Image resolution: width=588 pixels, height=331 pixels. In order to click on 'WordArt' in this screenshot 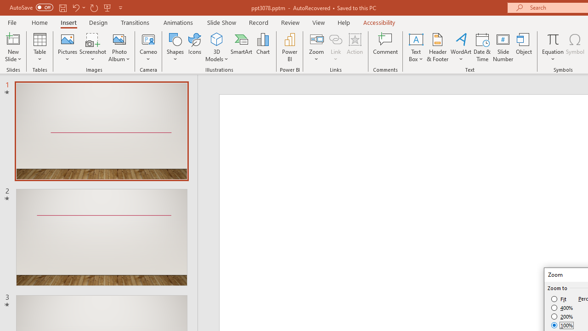, I will do `click(461, 47)`.